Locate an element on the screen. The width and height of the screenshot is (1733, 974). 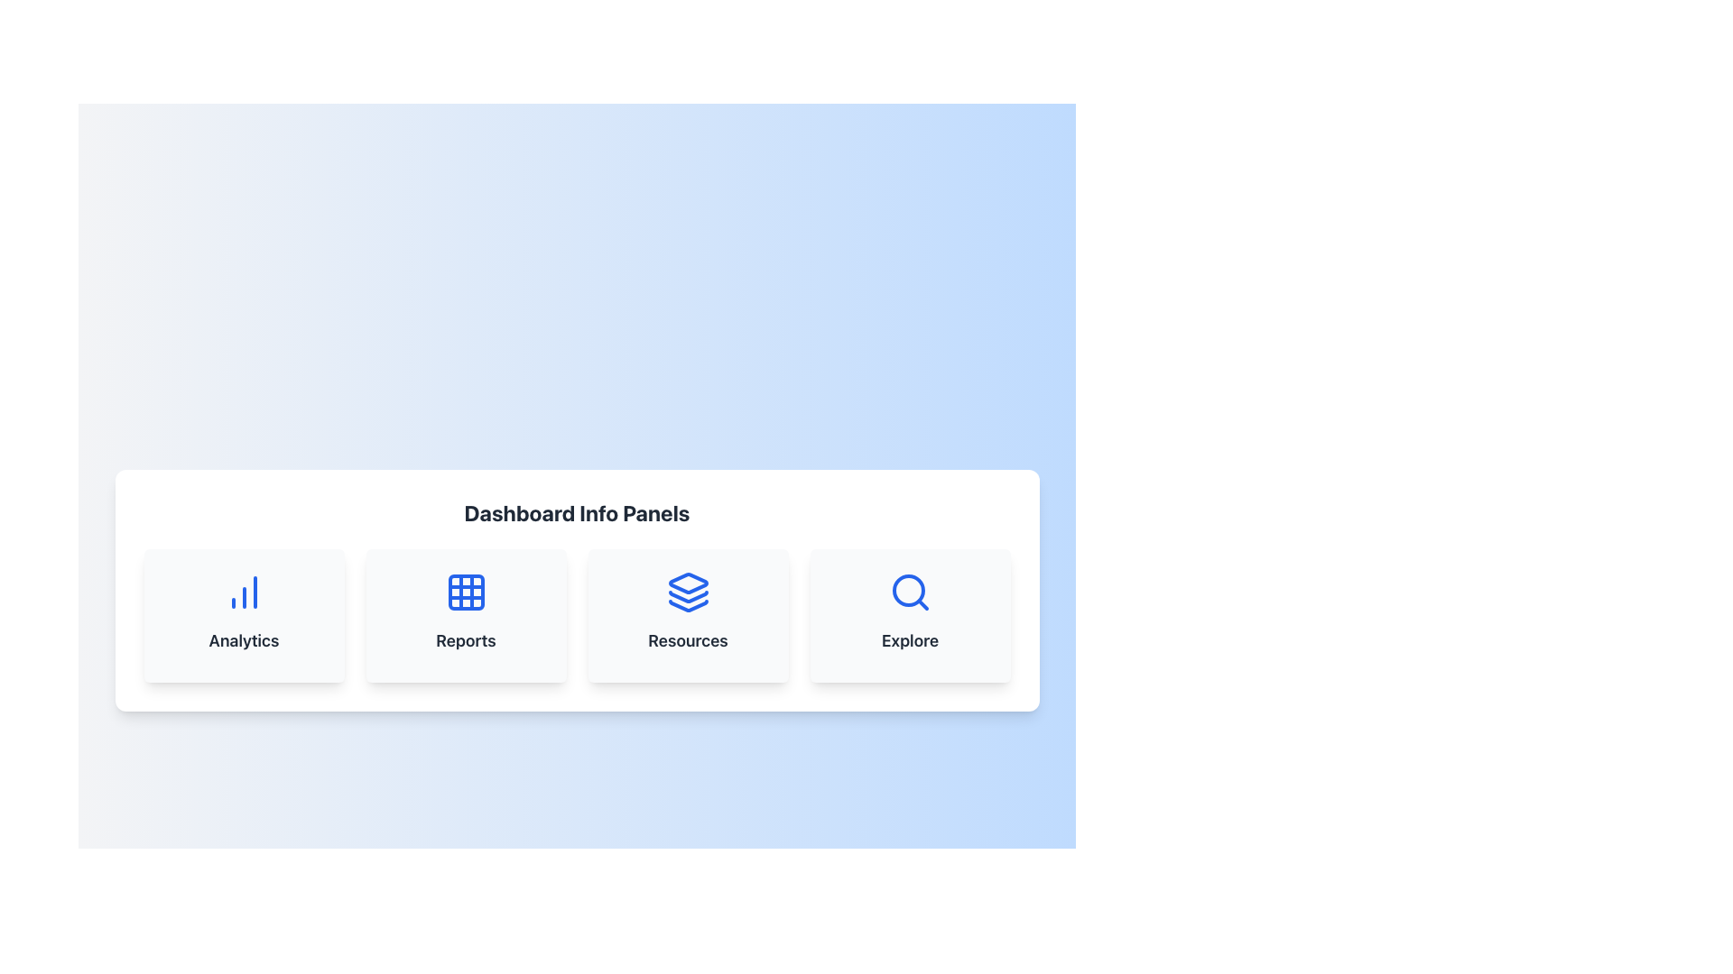
the 'Reports' text label, which is displayed in a bold, medium-sized font with a dark gray color on a light beige background, located at the center-bottom of a card under 'Dashboard Info Panels' is located at coordinates (466, 639).